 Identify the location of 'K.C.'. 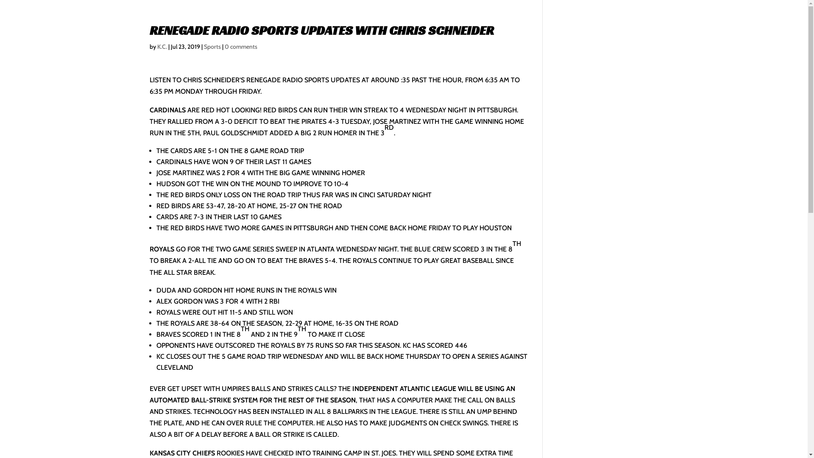
(162, 47).